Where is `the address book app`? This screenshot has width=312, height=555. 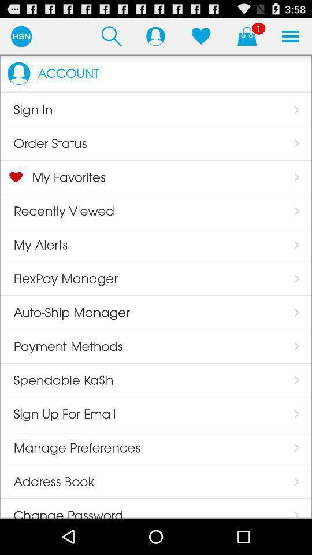 the address book app is located at coordinates (46, 482).